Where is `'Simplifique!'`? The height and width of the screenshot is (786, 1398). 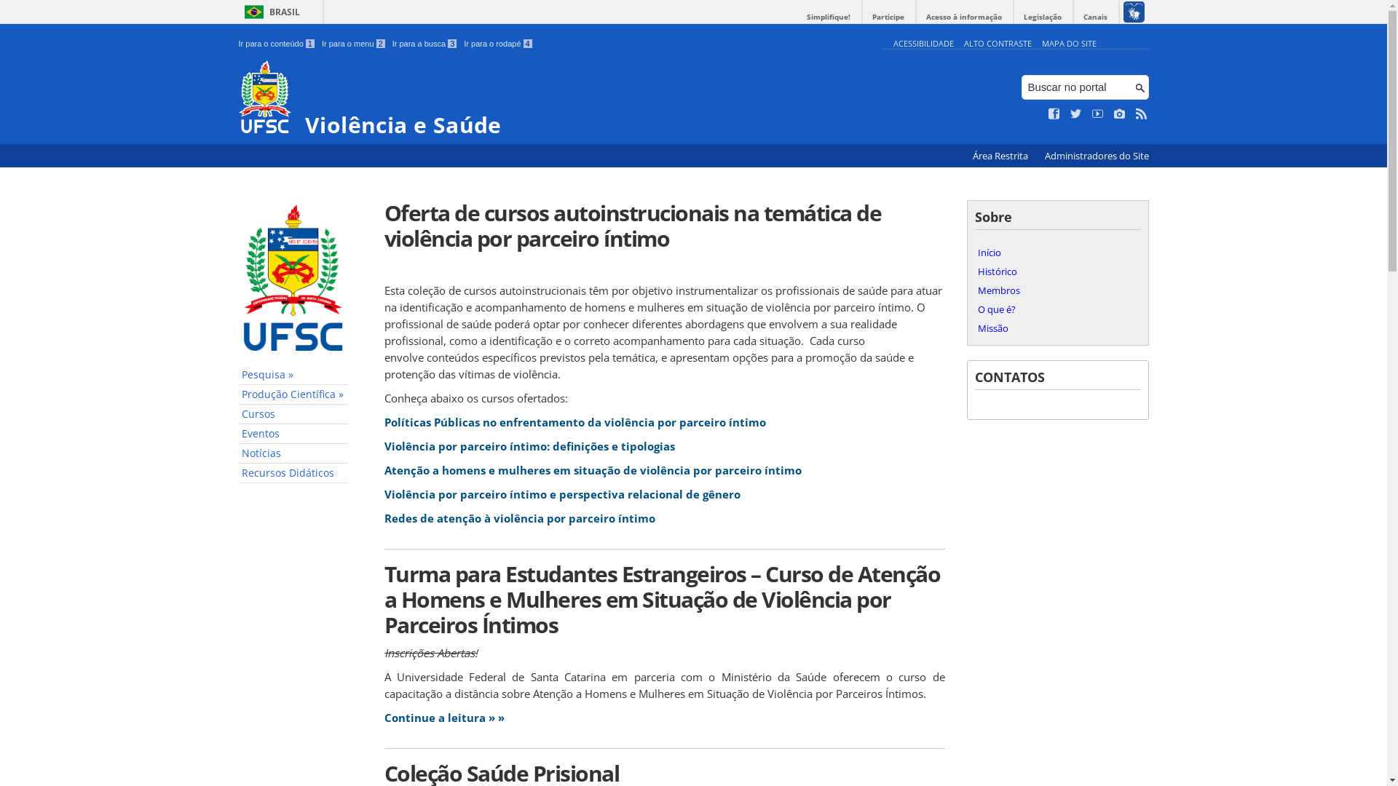
'Simplifique!' is located at coordinates (828, 17).